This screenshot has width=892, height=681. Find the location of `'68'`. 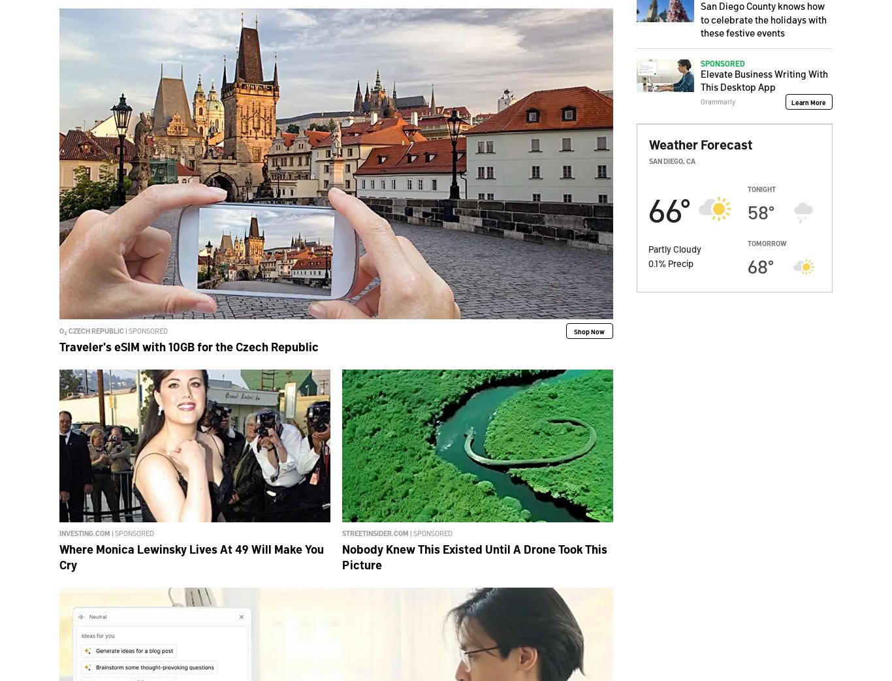

'68' is located at coordinates (747, 265).